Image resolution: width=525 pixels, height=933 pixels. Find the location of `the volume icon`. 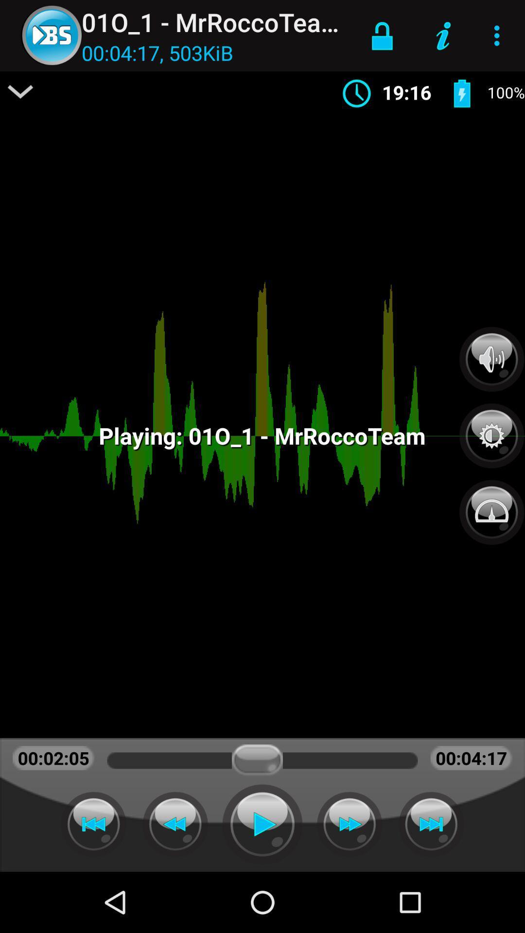

the volume icon is located at coordinates (491, 359).